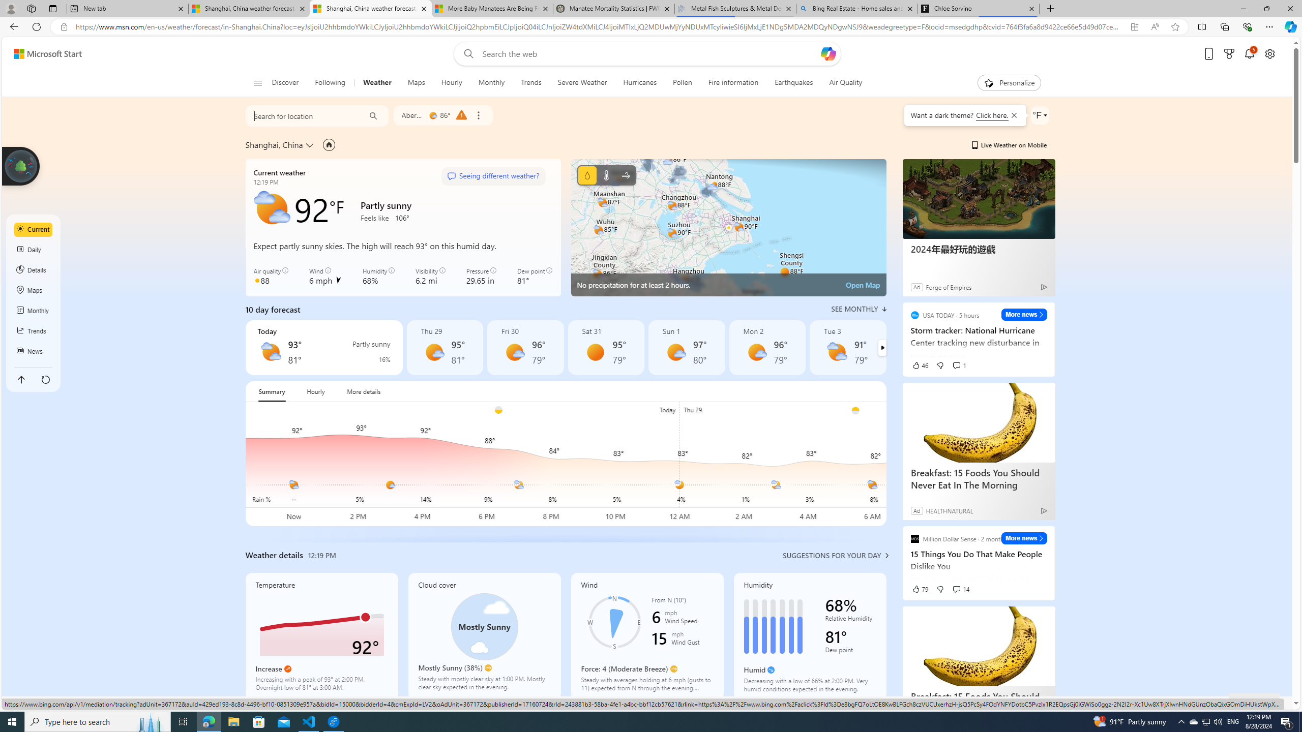 The width and height of the screenshot is (1302, 732). Describe the element at coordinates (949, 510) in the screenshot. I see `'HEALTHNATURAL'` at that location.